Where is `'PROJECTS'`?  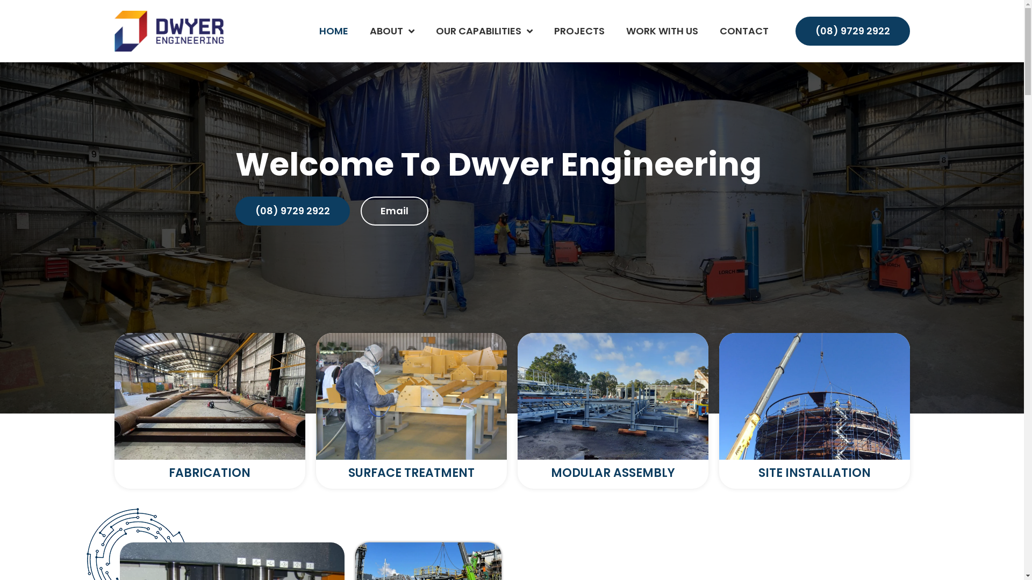
'PROJECTS' is located at coordinates (578, 30).